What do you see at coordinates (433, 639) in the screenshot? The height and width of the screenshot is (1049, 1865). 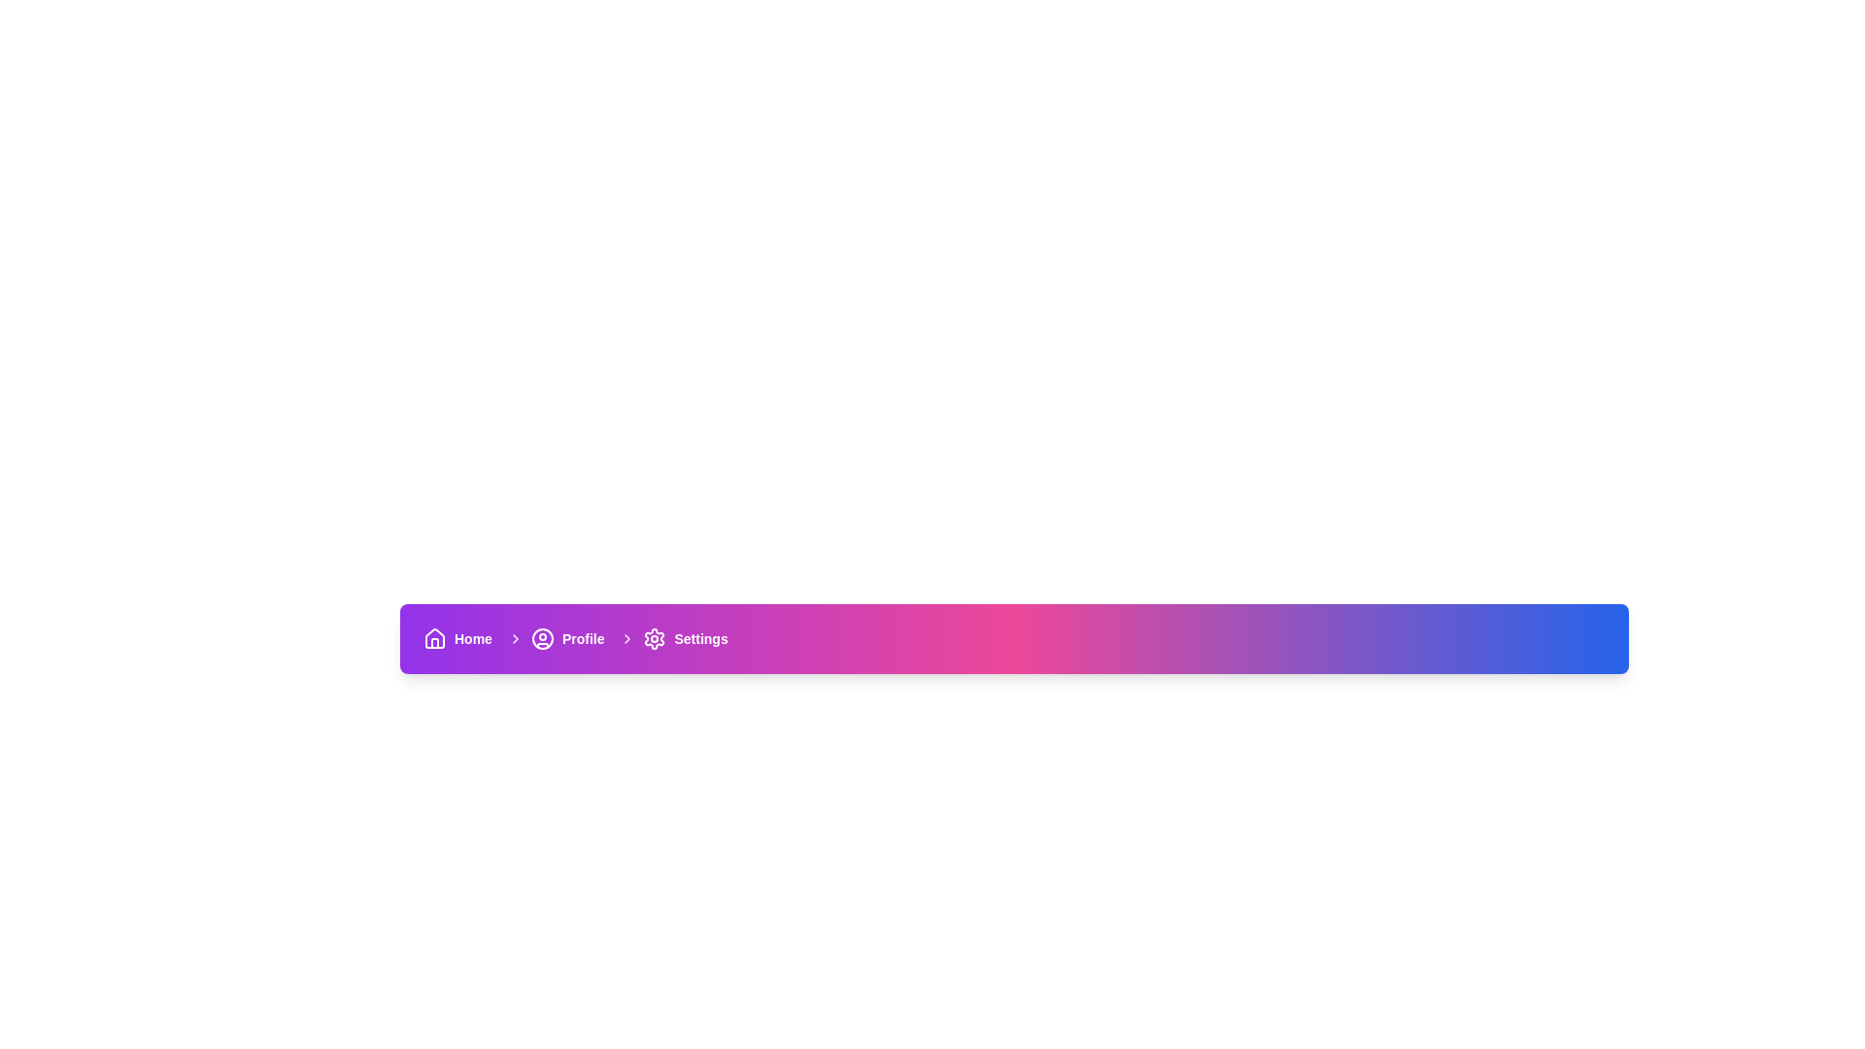 I see `the house-shaped icon filled with purple, located` at bounding box center [433, 639].